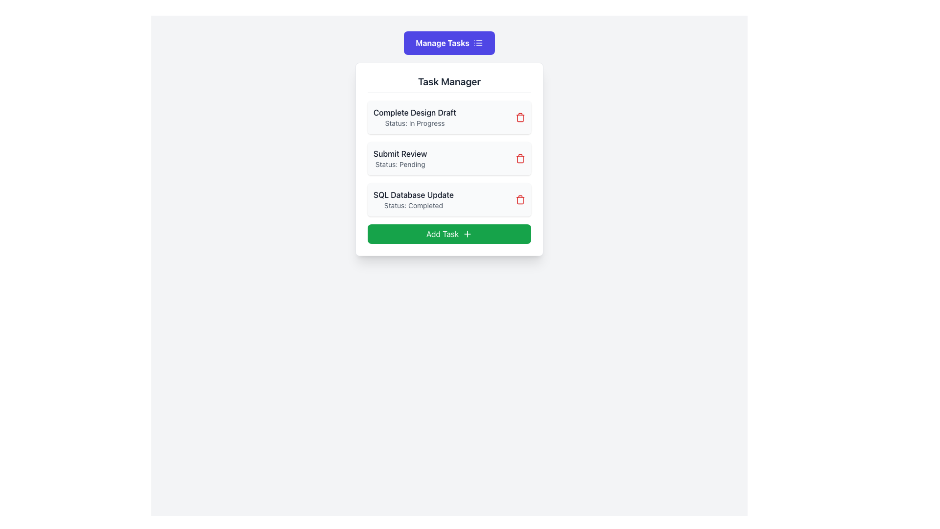 This screenshot has width=940, height=529. I want to click on the Text Display Box that contains 'Complete Design Draft' and 'Status: In Progress', which is the first item in the task list under the 'Task Manager' title, so click(448, 117).